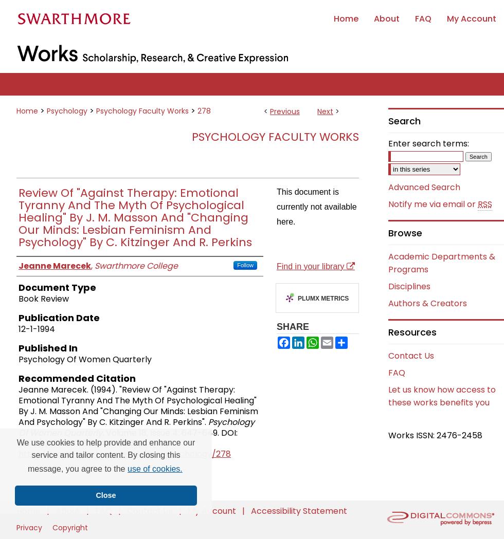  I want to click on 'Psychology Of Women Quarterly.', so click(136, 426).